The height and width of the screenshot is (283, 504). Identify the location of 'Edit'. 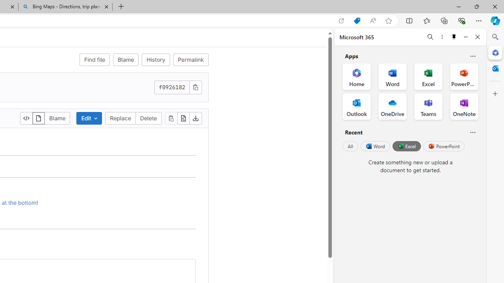
(89, 118).